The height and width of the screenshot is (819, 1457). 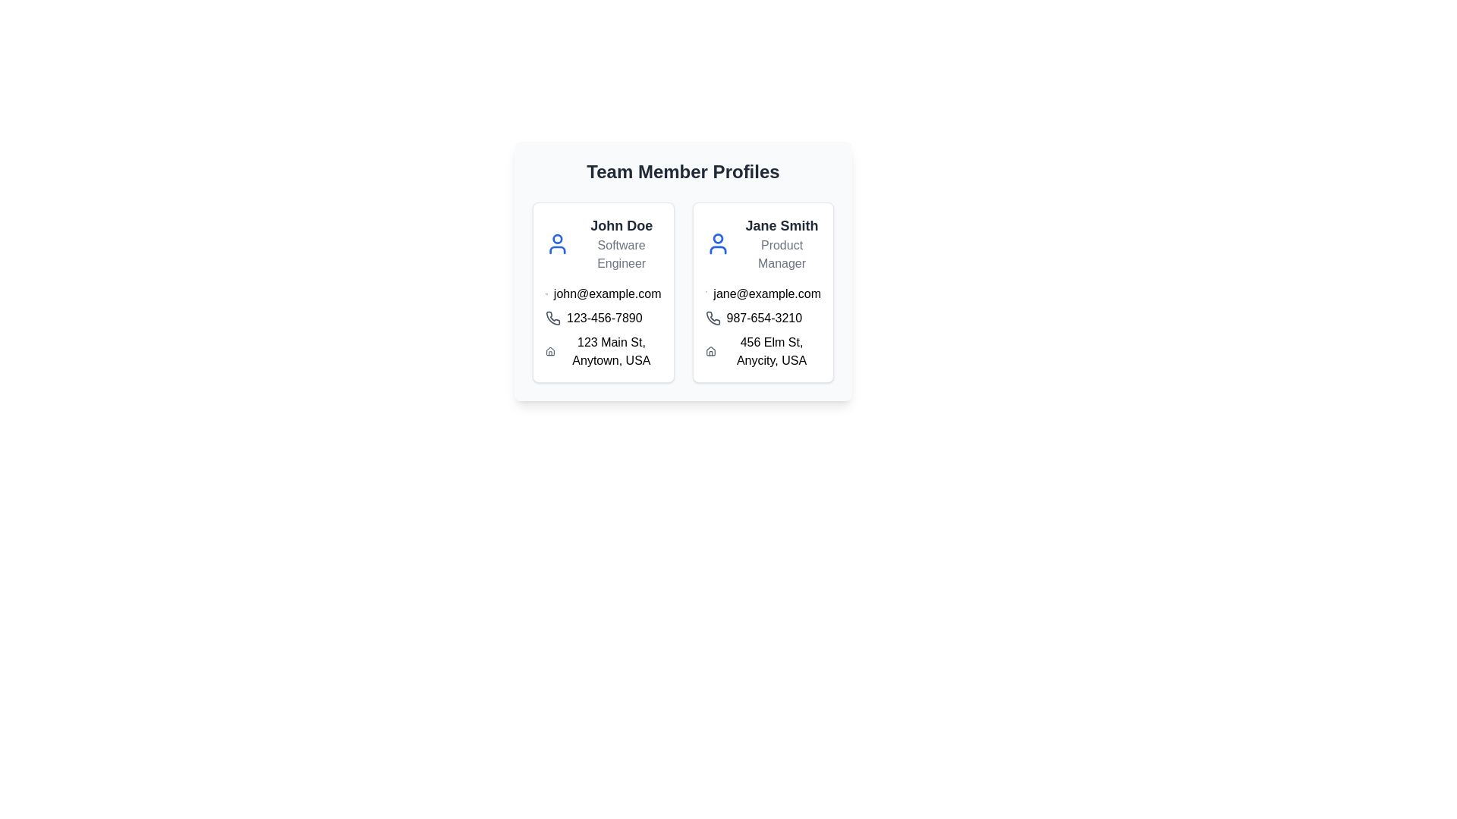 I want to click on the lower part of a human figure illustration represented by a blue outline in the second profile card, located directly above the text 'Jane Smith', so click(x=717, y=249).